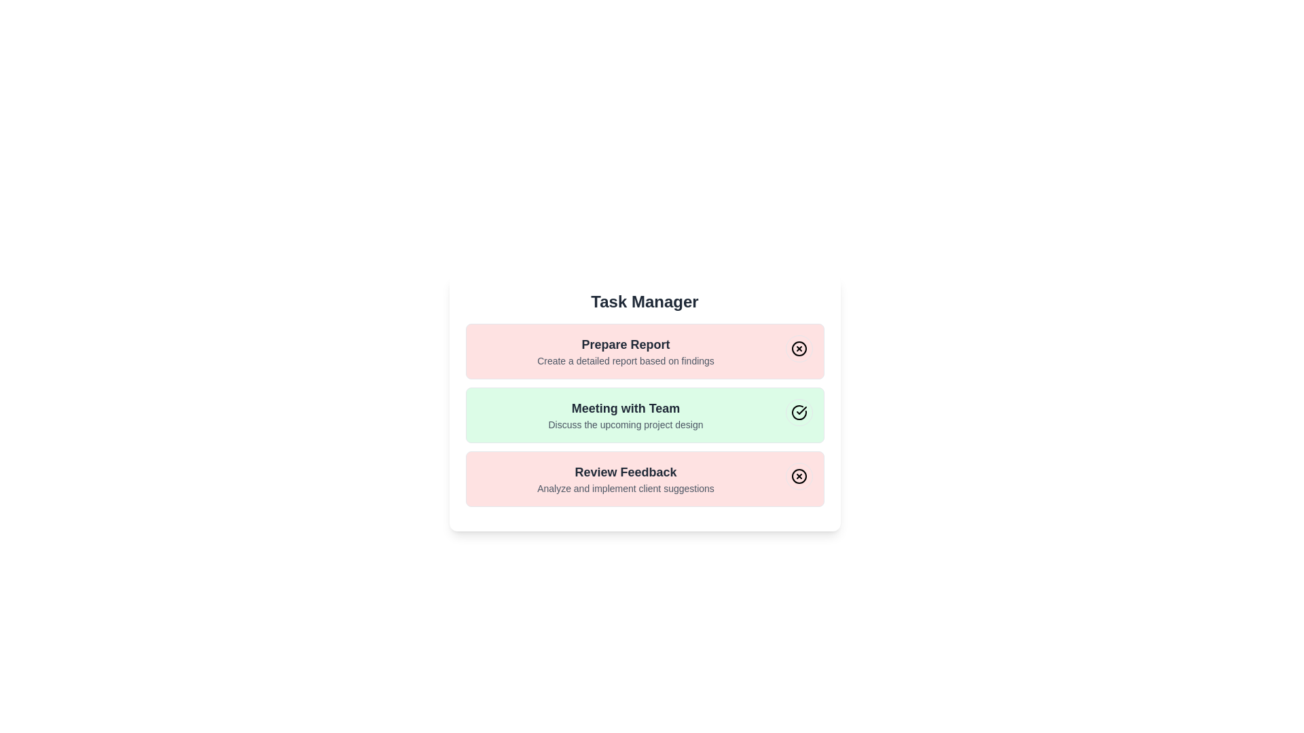  Describe the element at coordinates (799, 476) in the screenshot. I see `the toggle button for the task with title 'Review Feedback'` at that location.